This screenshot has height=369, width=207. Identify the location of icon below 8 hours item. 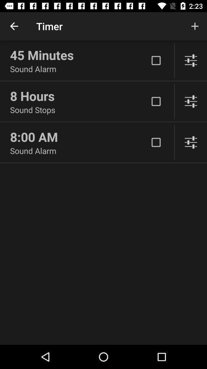
(79, 109).